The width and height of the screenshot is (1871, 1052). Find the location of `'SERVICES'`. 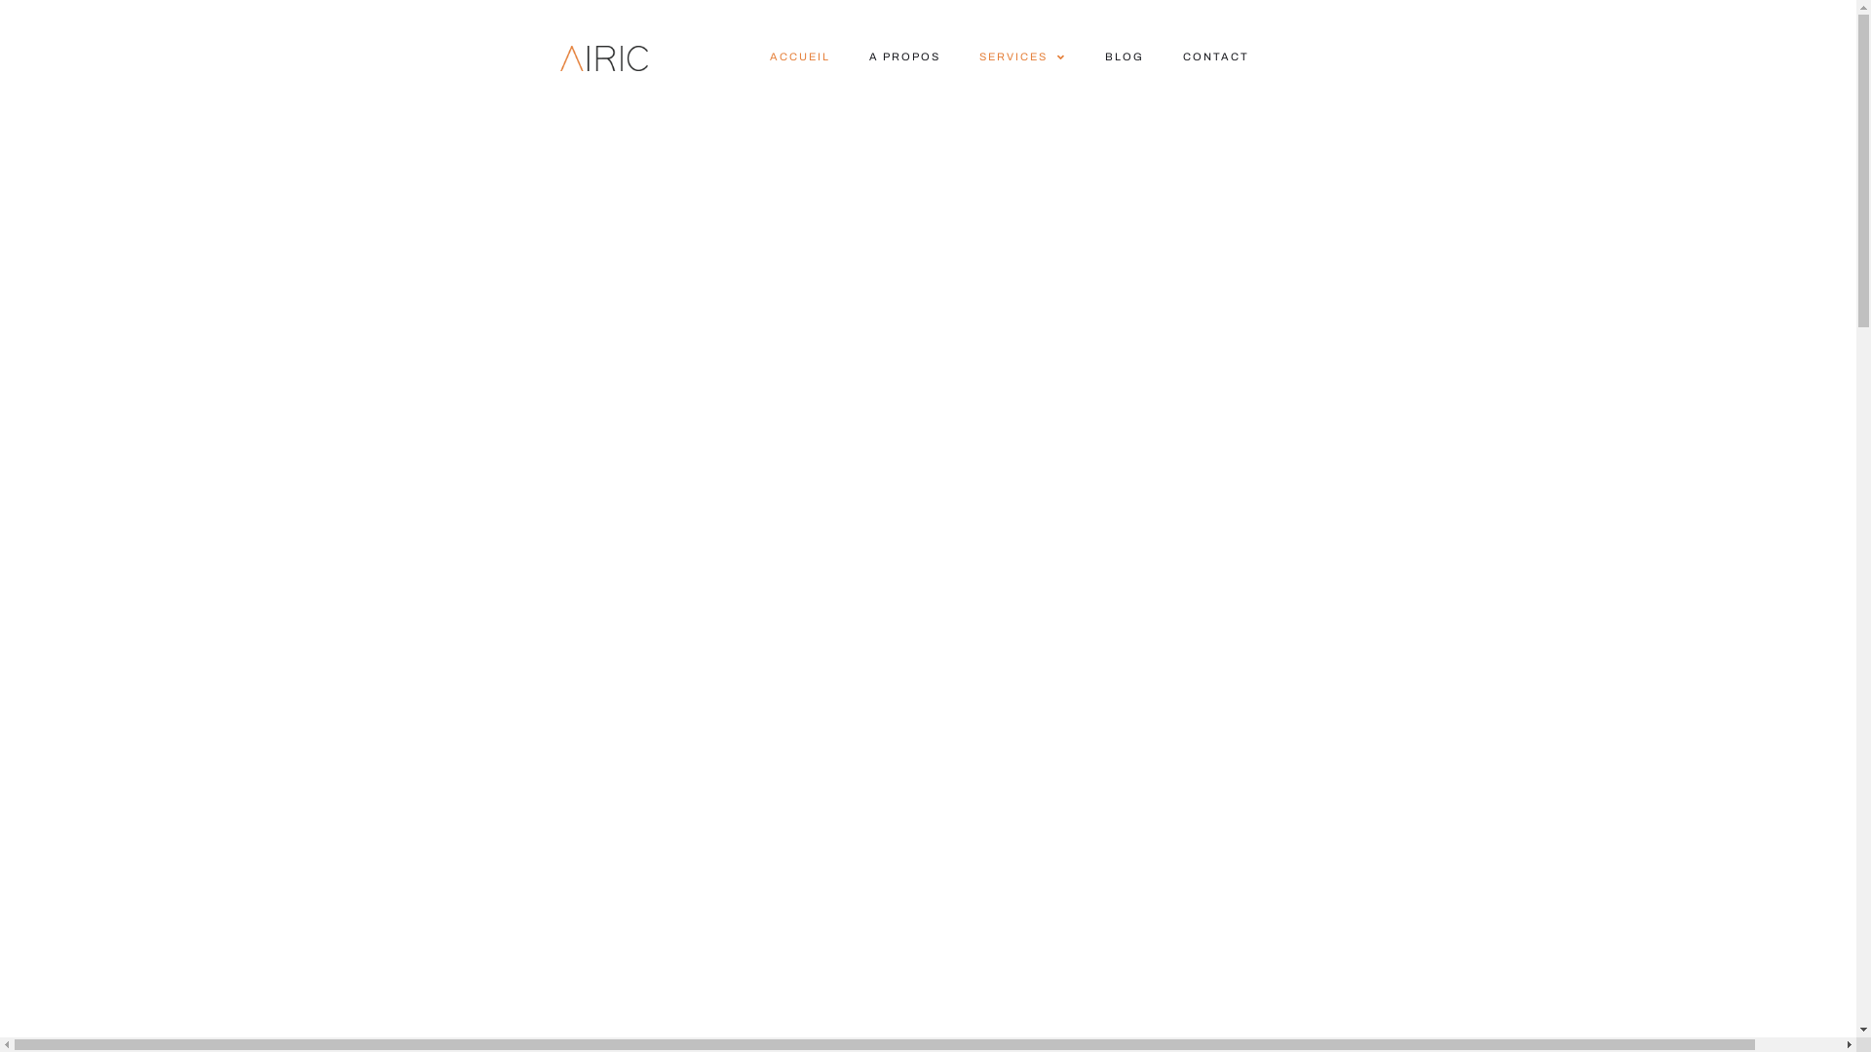

'SERVICES' is located at coordinates (959, 56).